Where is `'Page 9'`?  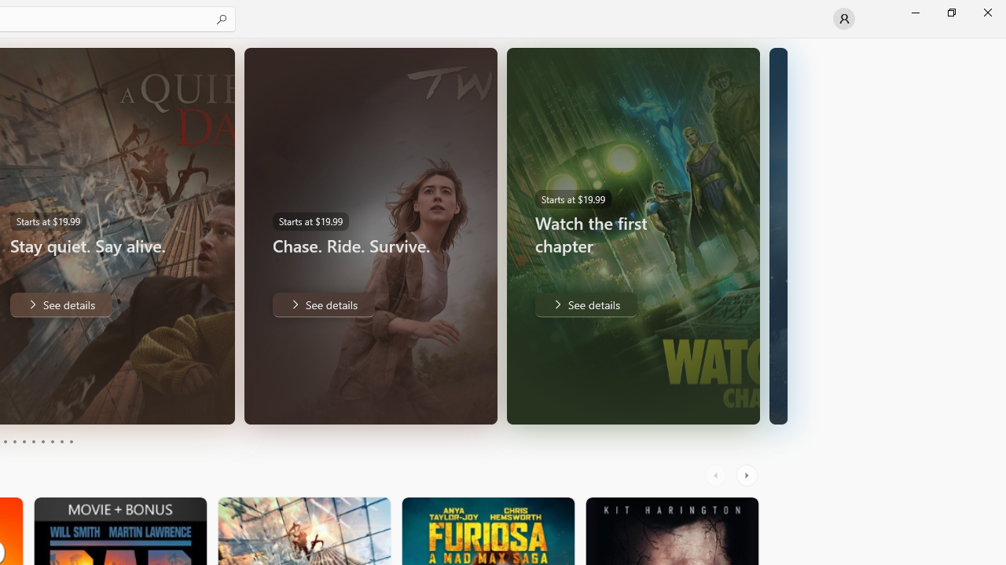
'Page 9' is located at coordinates (61, 442).